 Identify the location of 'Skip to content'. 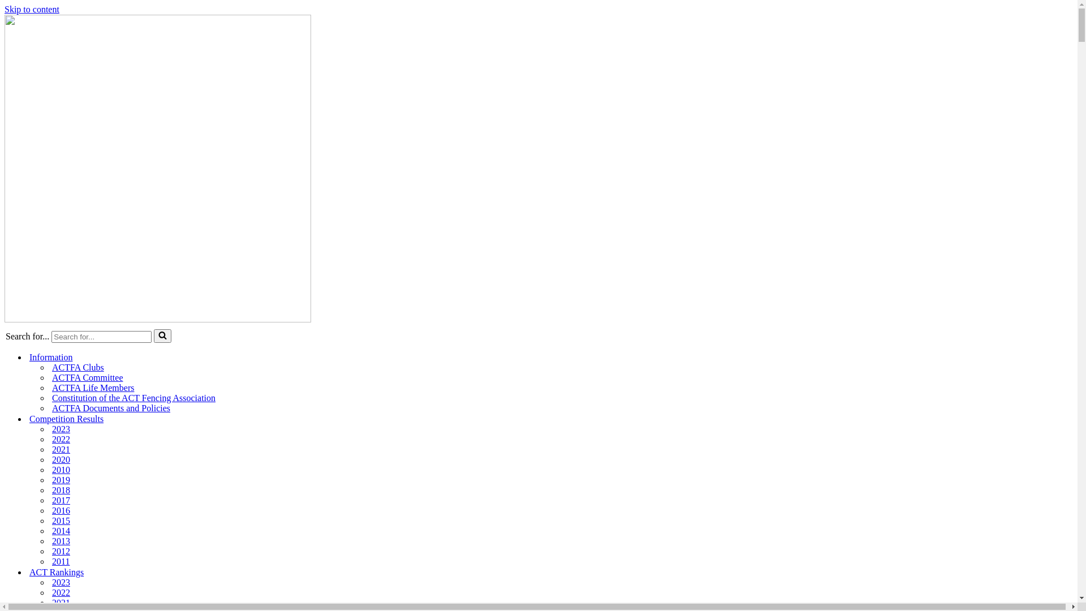
(32, 9).